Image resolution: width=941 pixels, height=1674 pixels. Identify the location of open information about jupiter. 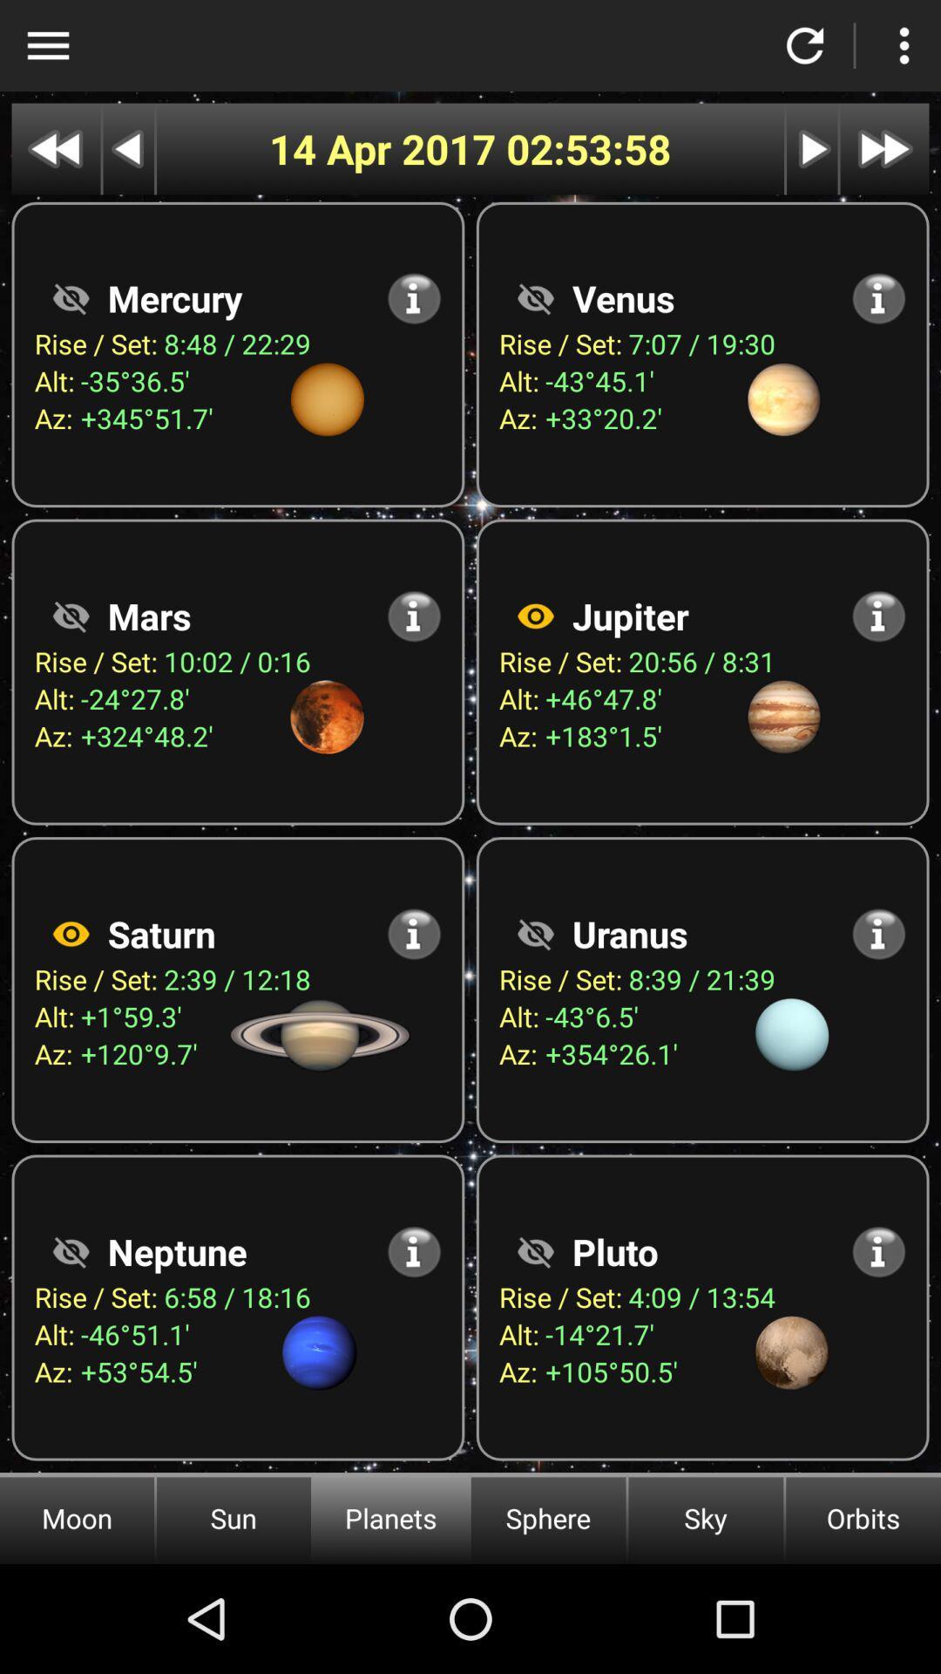
(878, 616).